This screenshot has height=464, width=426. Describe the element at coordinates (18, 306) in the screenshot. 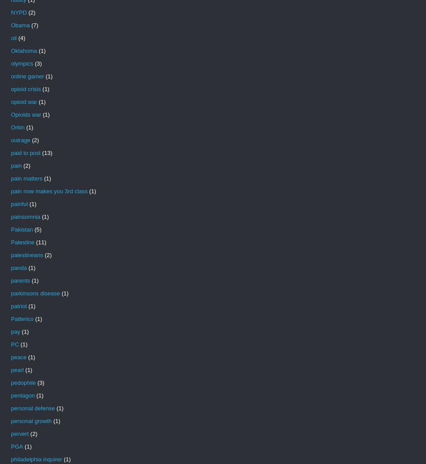

I see `'patriot'` at that location.